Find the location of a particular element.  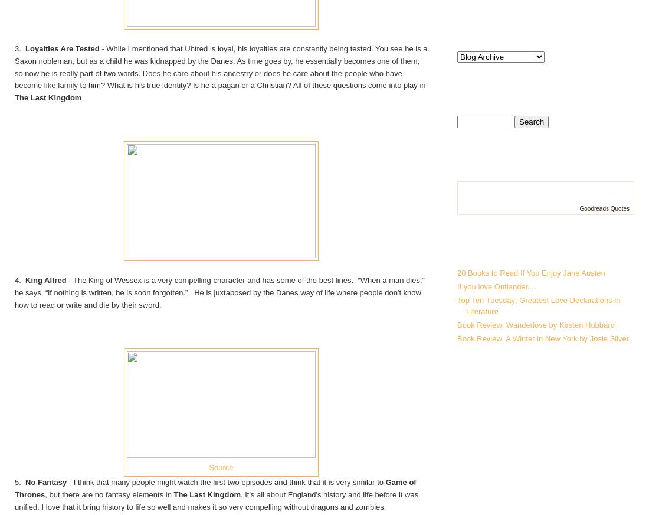

'Popular Posts:' is located at coordinates (513, 248).